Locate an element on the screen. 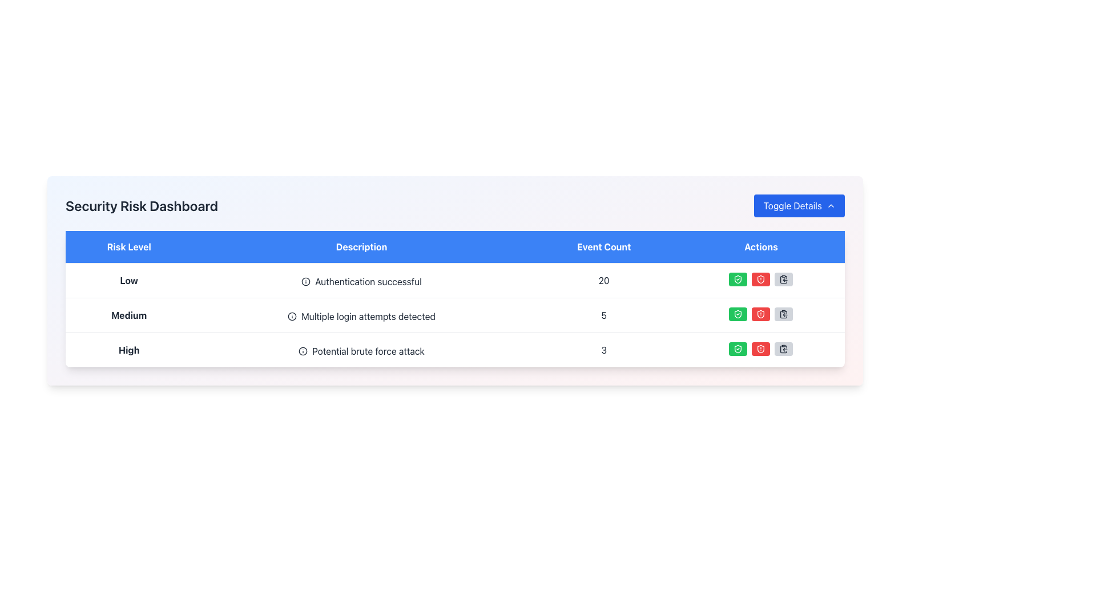 This screenshot has height=616, width=1096. the alert icon button located in the 'Actions' column of the 'High' risk row in the 'Security Risk Dashboard' is located at coordinates (761, 279).